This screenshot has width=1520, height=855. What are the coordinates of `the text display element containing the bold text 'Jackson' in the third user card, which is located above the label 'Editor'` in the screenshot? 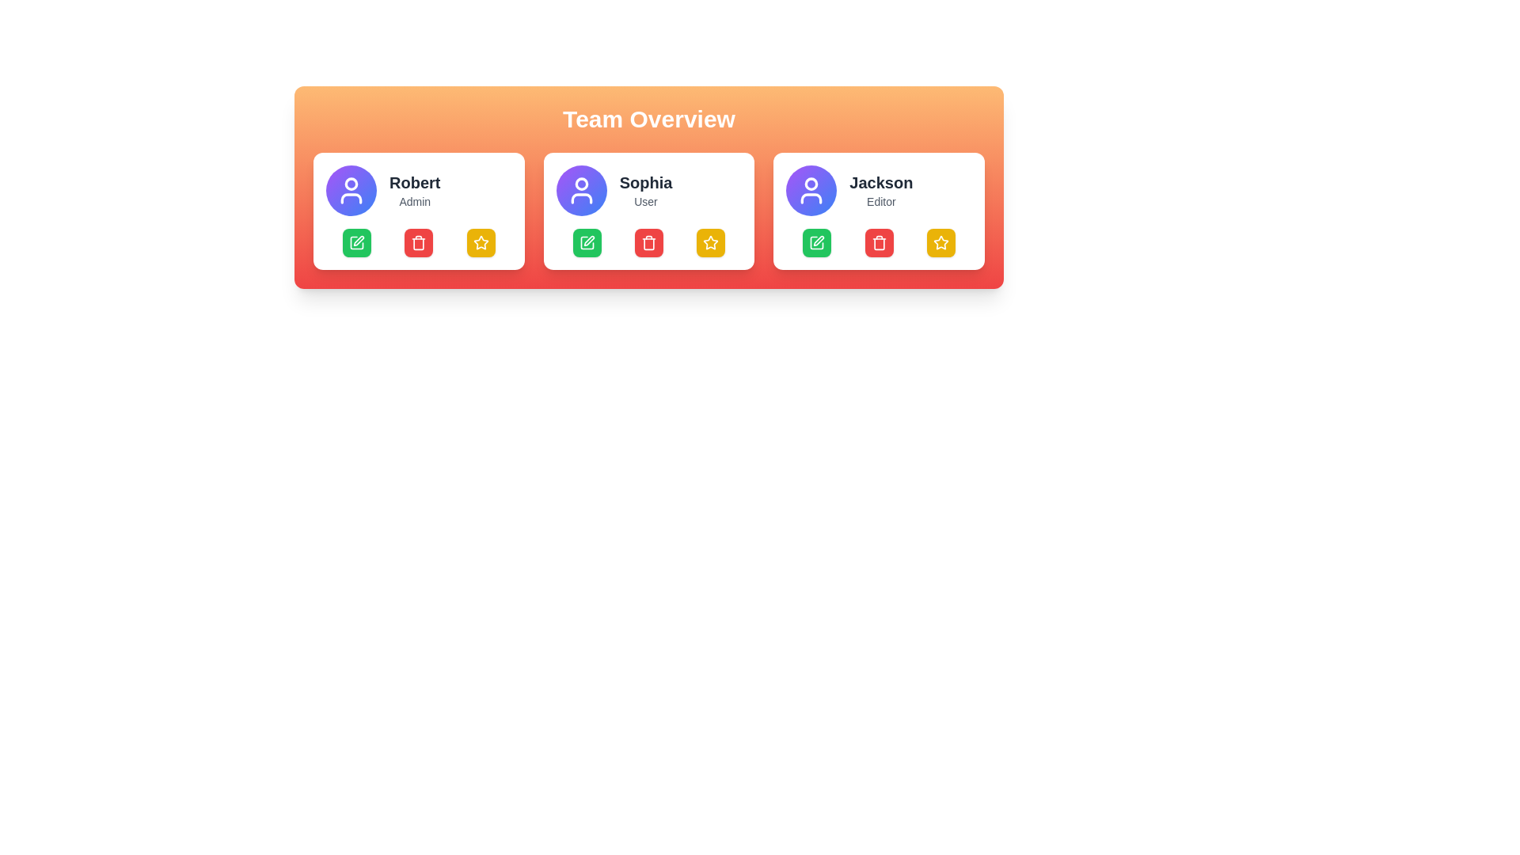 It's located at (880, 182).